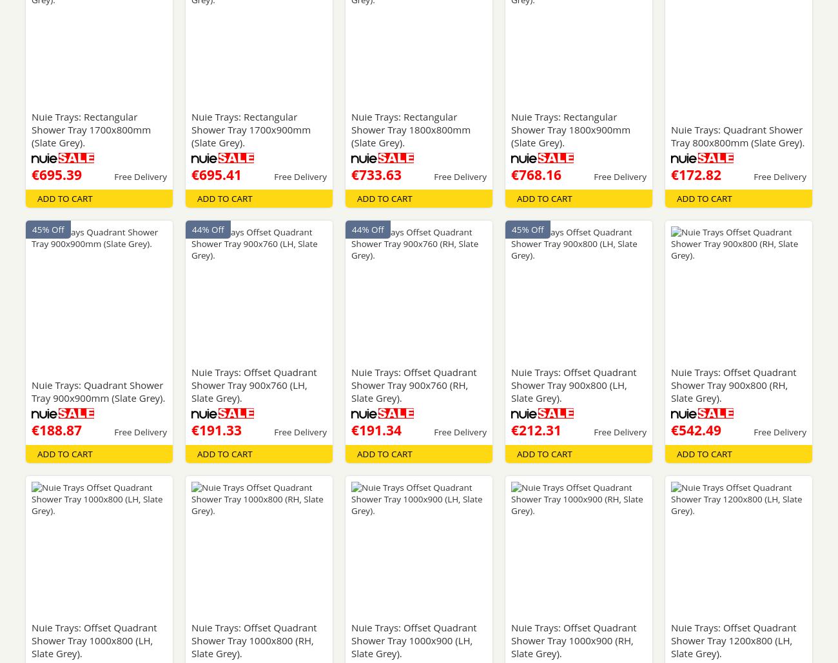 The width and height of the screenshot is (838, 663). What do you see at coordinates (254, 384) in the screenshot?
I see `'Nuie Trays: Offset Quadrant Shower Tray 900x760 (LH, Slate Grey).'` at bounding box center [254, 384].